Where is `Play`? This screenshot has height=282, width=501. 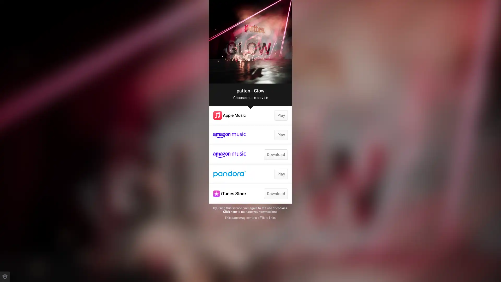 Play is located at coordinates (281, 134).